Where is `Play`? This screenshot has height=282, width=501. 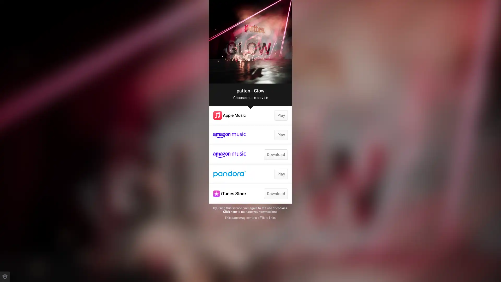 Play is located at coordinates (281, 134).